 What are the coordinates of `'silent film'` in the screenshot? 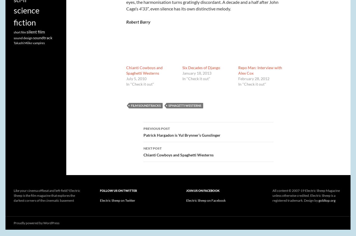 It's located at (26, 31).